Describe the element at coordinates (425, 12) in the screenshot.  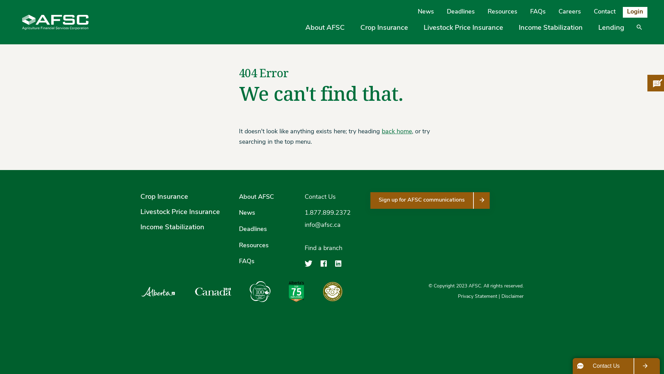
I see `'News'` at that location.